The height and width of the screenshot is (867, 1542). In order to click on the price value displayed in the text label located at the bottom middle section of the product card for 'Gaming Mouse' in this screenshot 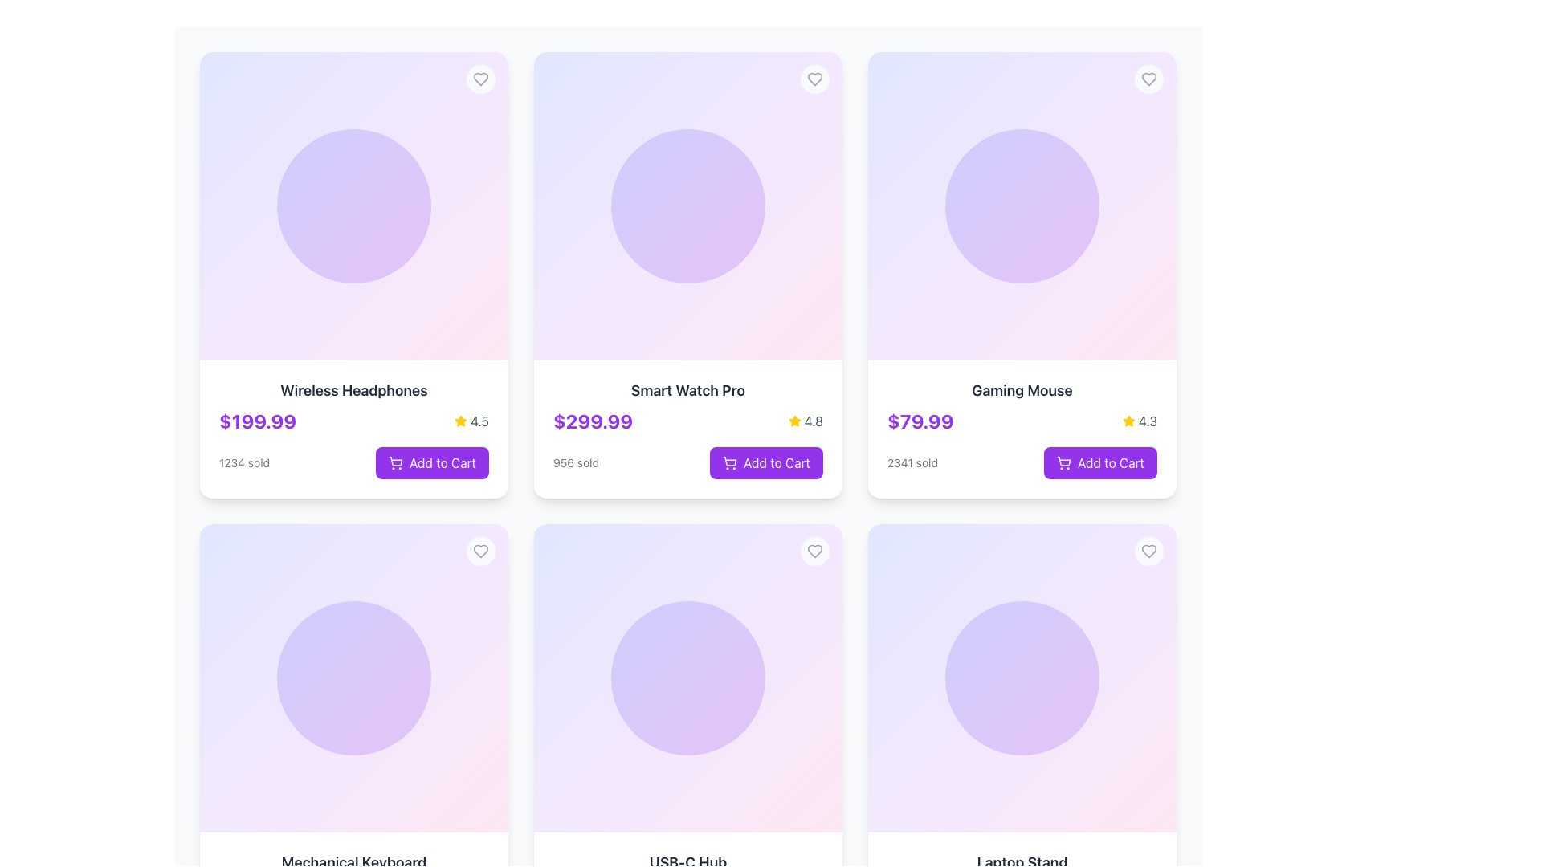, I will do `click(920, 420)`.